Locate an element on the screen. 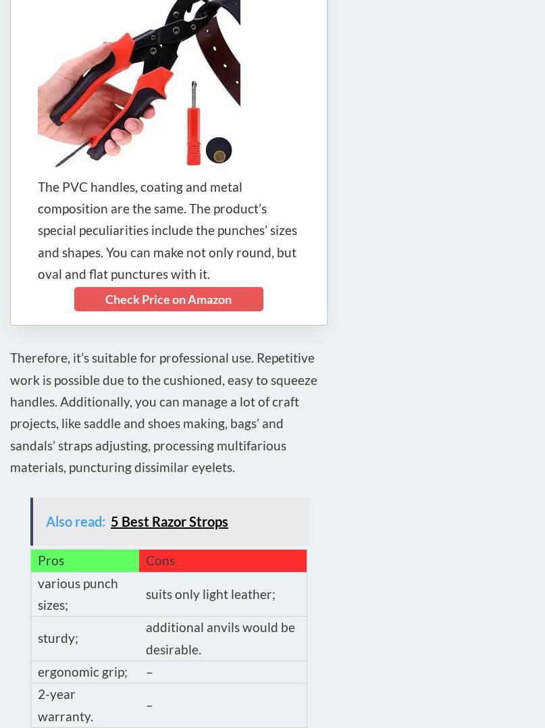  '5 Best Razor Strops' is located at coordinates (110, 520).